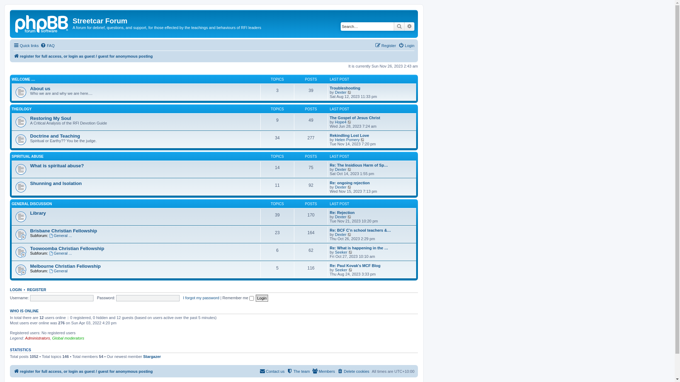 The image size is (680, 382). What do you see at coordinates (151, 356) in the screenshot?
I see `'Stargazer'` at bounding box center [151, 356].